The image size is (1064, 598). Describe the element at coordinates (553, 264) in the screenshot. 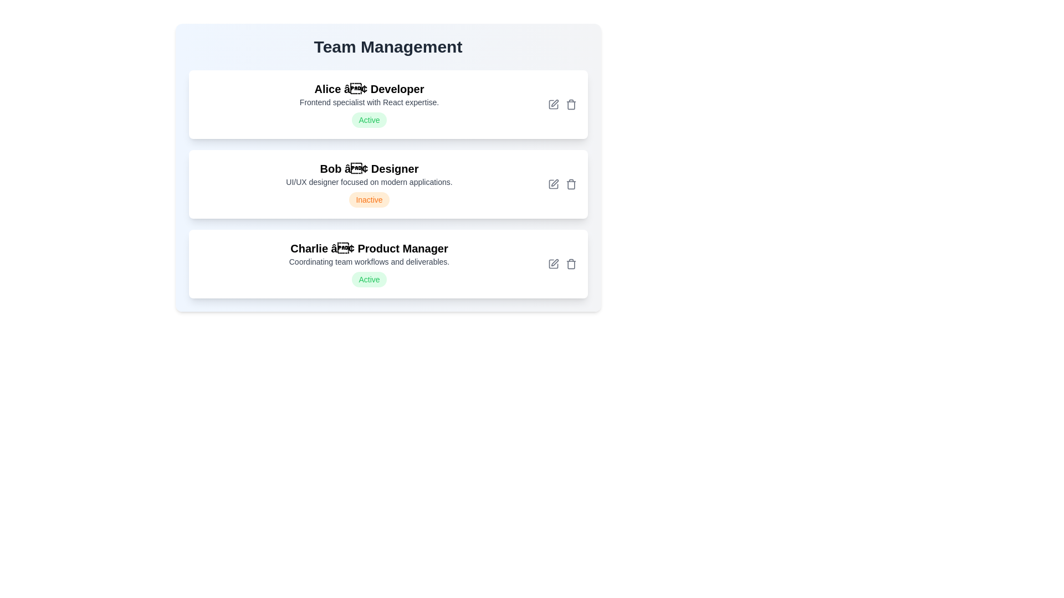

I see `edit icon for the team member Charlie` at that location.